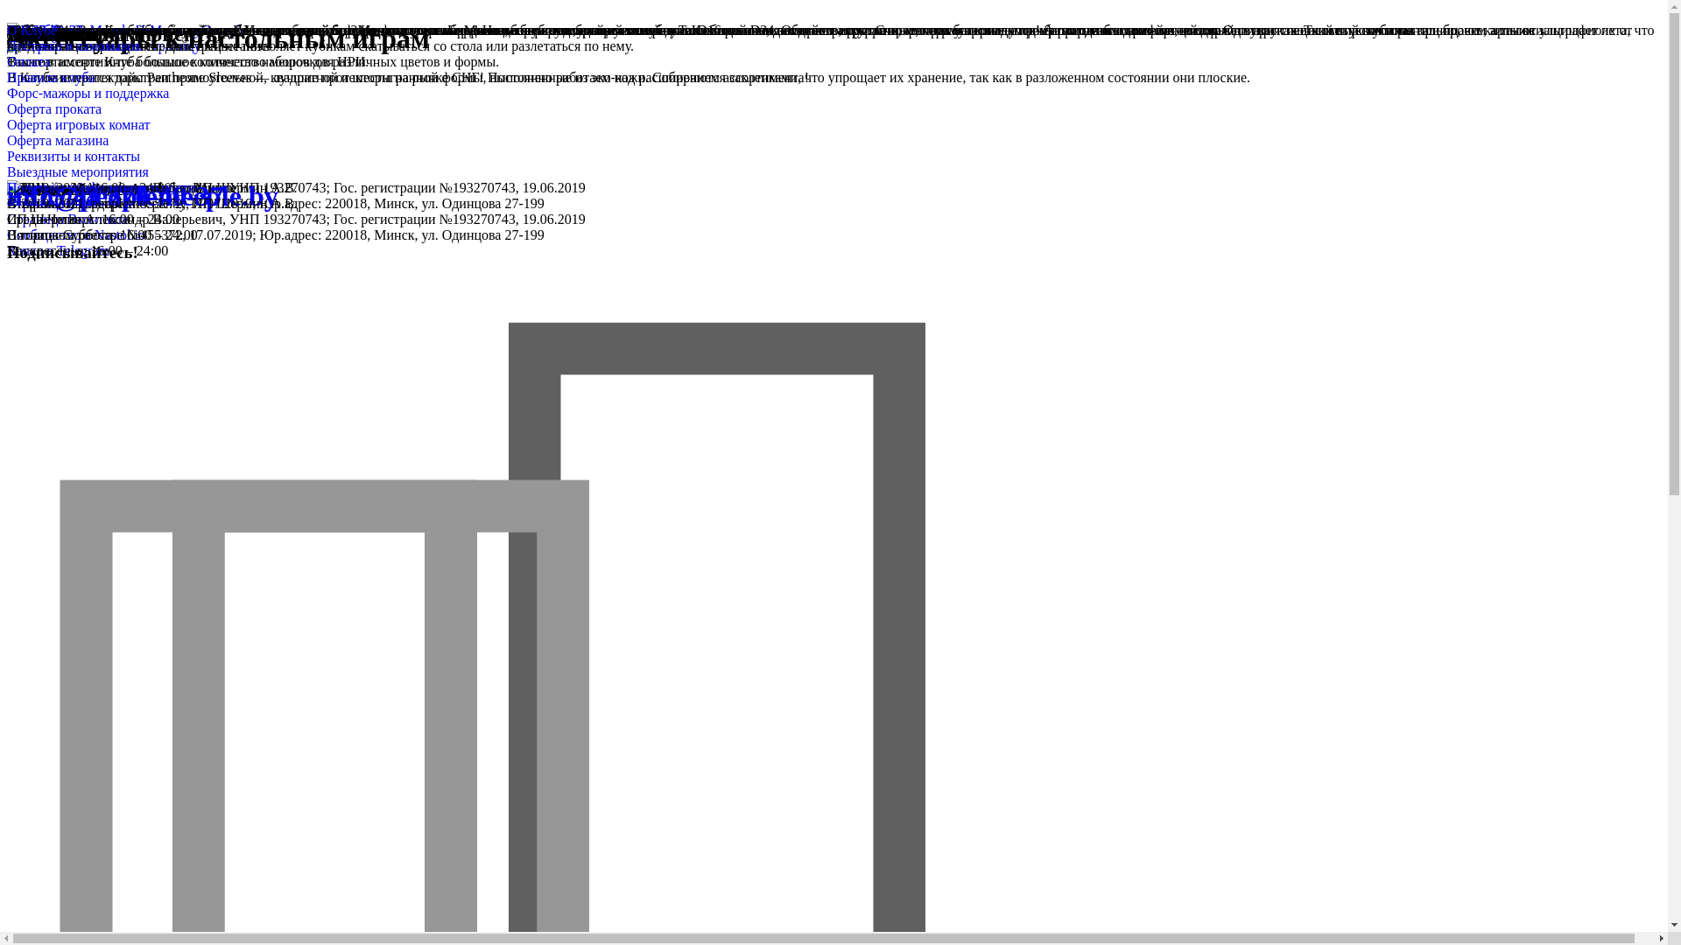 This screenshot has height=945, width=1681. Describe the element at coordinates (45, 30) in the screenshot. I see `'33 377-40-37'` at that location.